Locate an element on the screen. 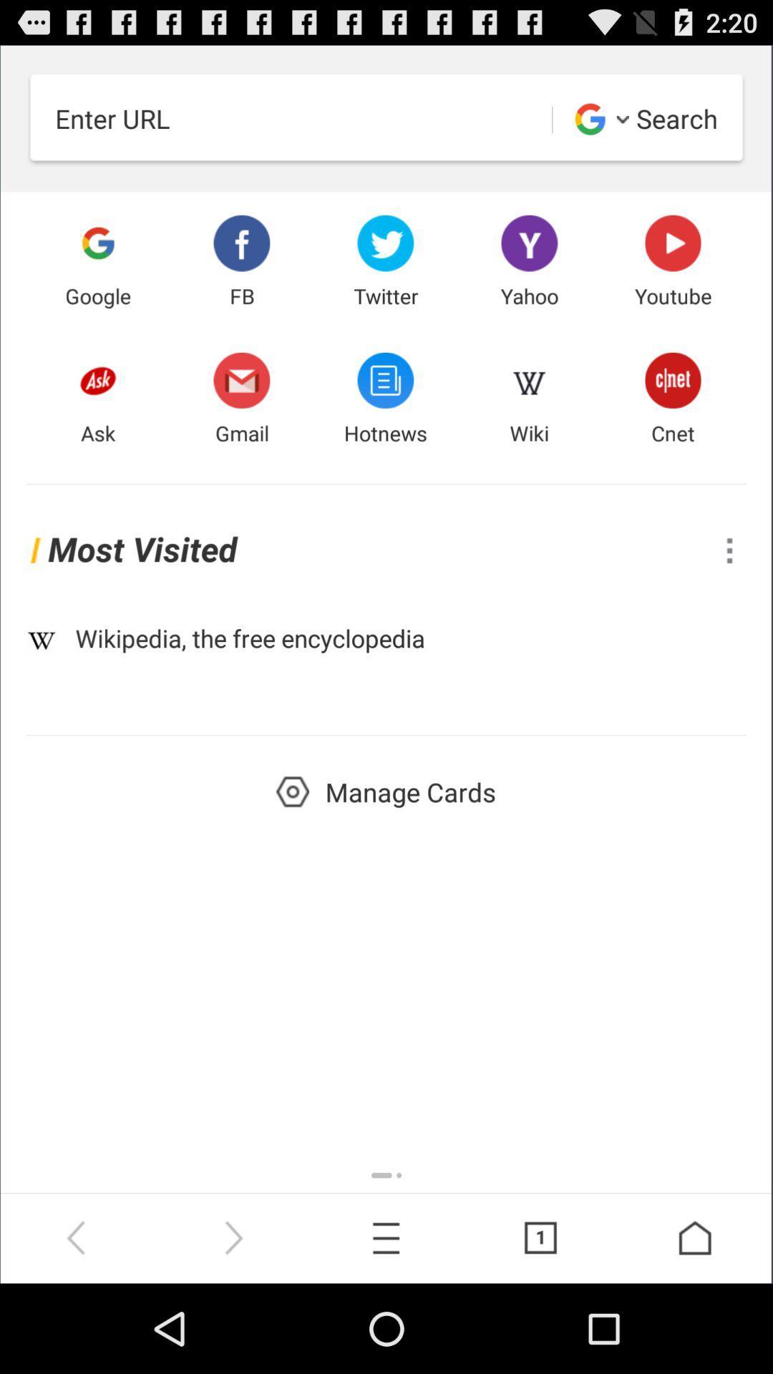 The image size is (773, 1374). the arrow_backward icon is located at coordinates (77, 1325).